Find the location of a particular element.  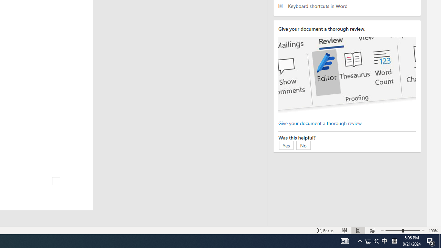

'Zoom' is located at coordinates (402, 230).